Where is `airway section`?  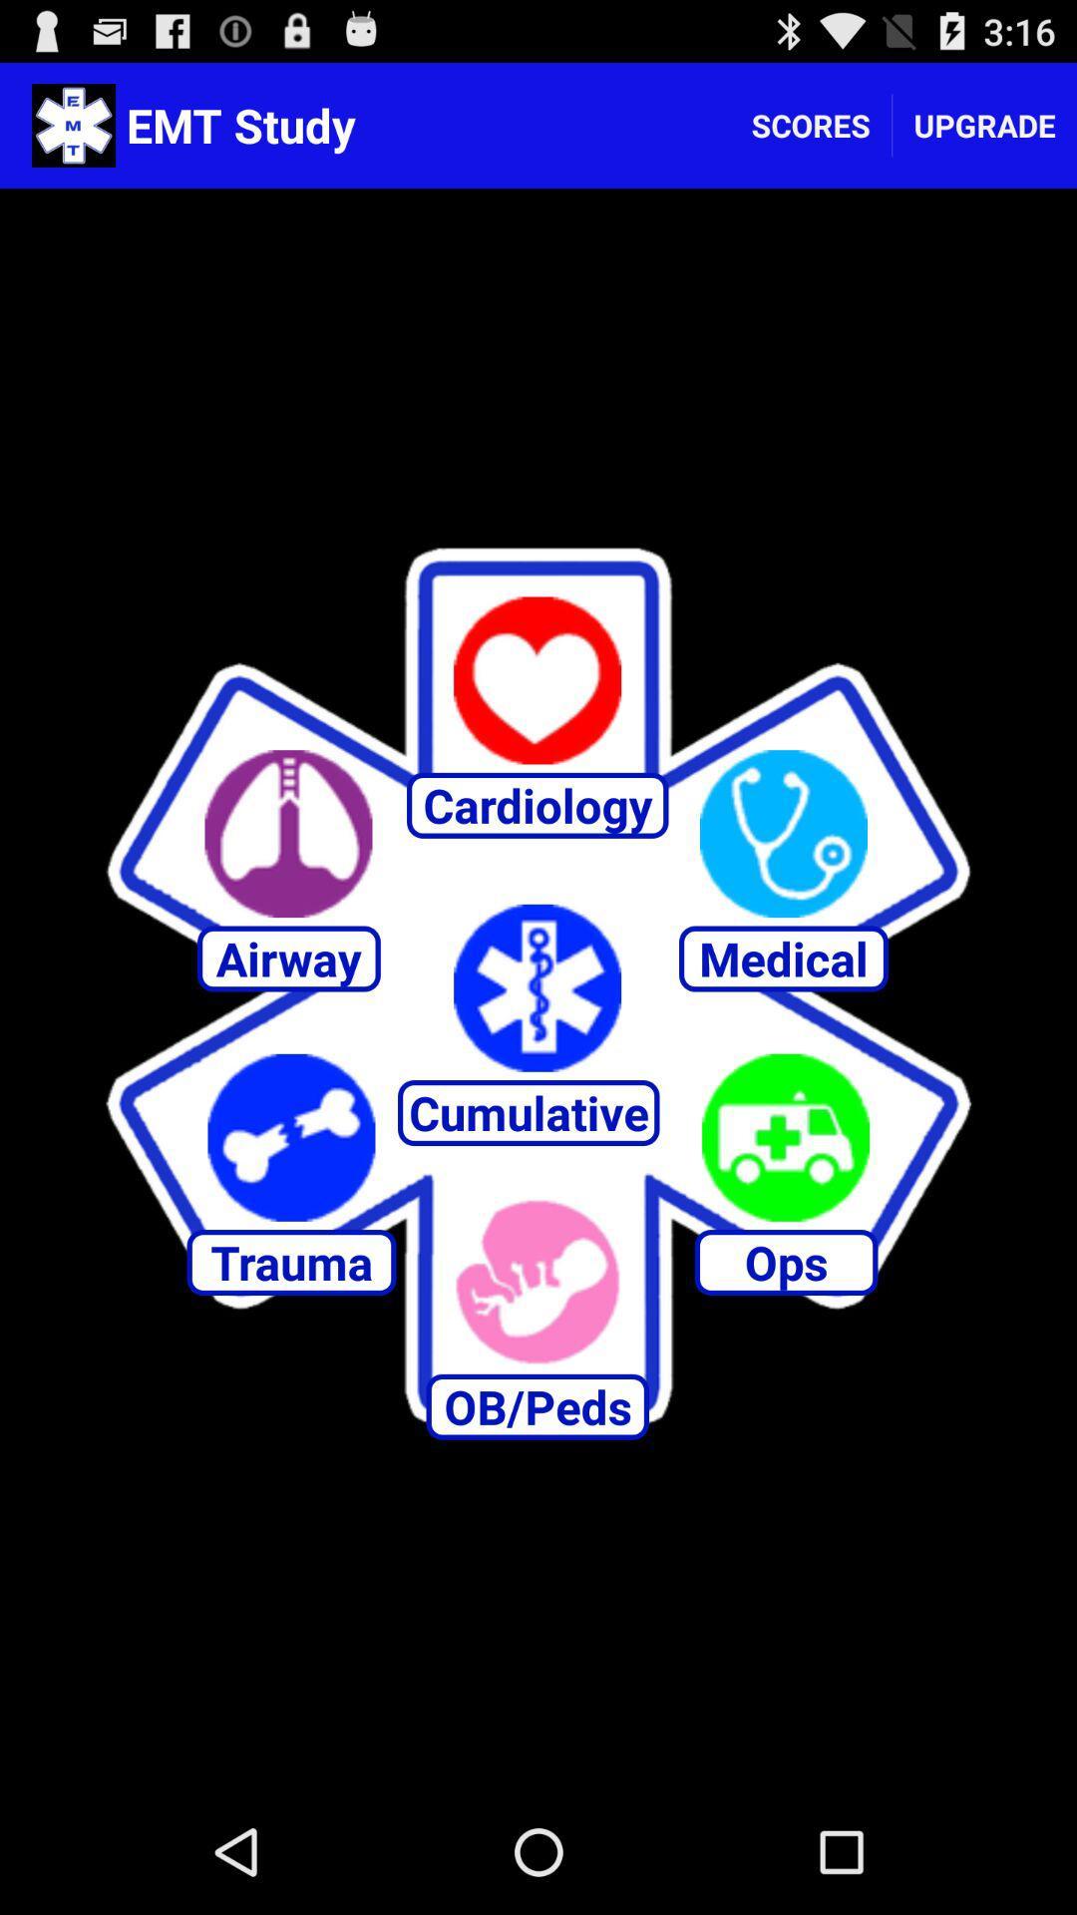 airway section is located at coordinates (288, 834).